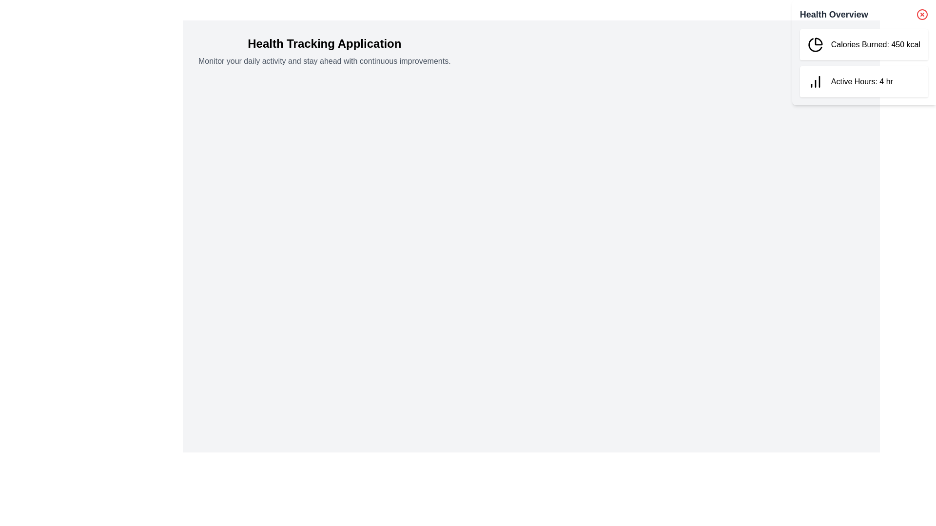 The height and width of the screenshot is (526, 936). I want to click on information displayed on the text label that reads 'Active Hours: 4 hr', which is located within the second card of the 'Health Overview' section, positioned to the right of a vertical bar chart icon, so click(862, 81).